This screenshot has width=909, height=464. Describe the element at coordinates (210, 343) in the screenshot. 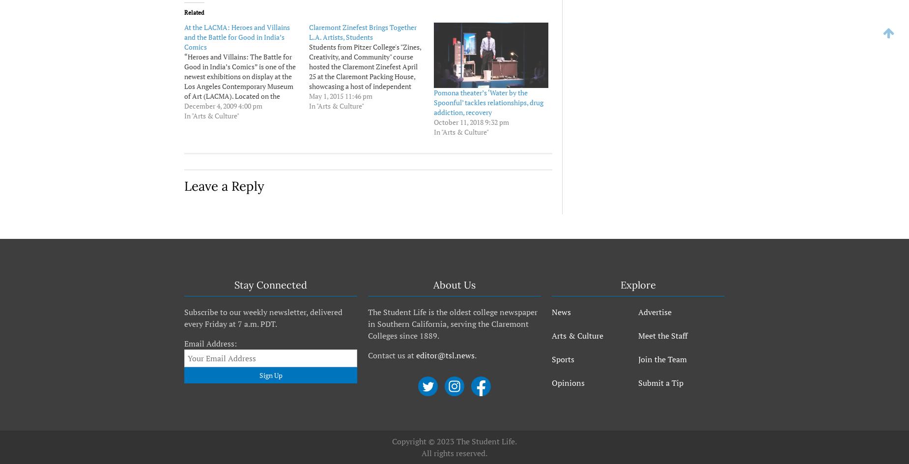

I see `'Email Address:'` at that location.